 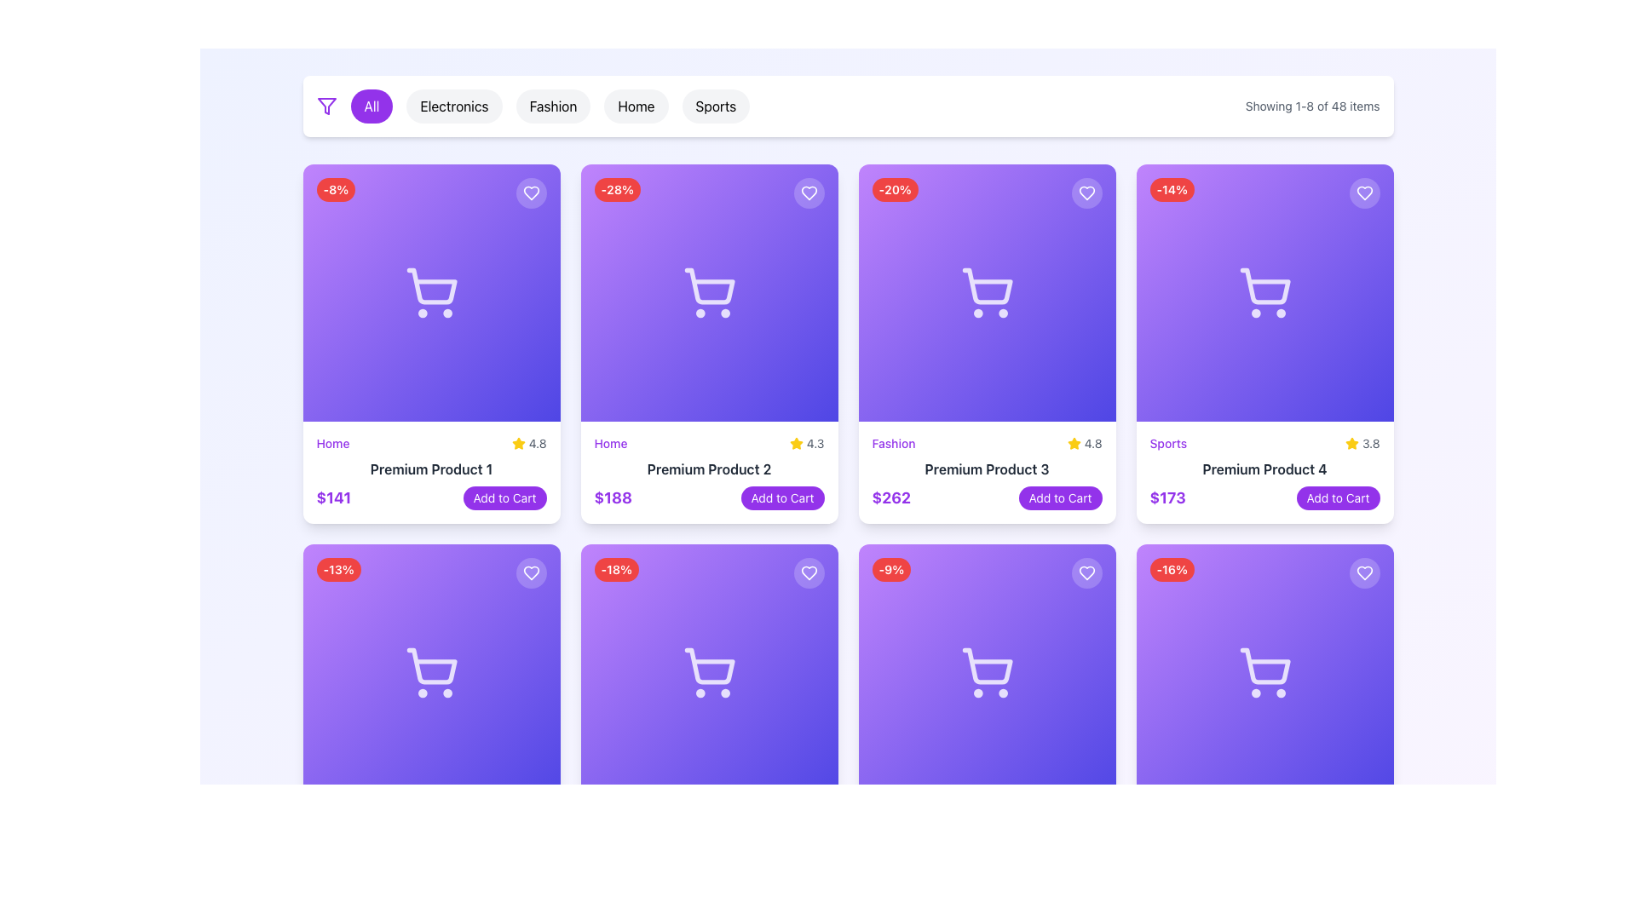 I want to click on the 'Fashion' category button, which is the third button in a horizontal row of category selectors, featuring a rounded rectangular shape with a light gray background and centered black text, so click(x=553, y=106).